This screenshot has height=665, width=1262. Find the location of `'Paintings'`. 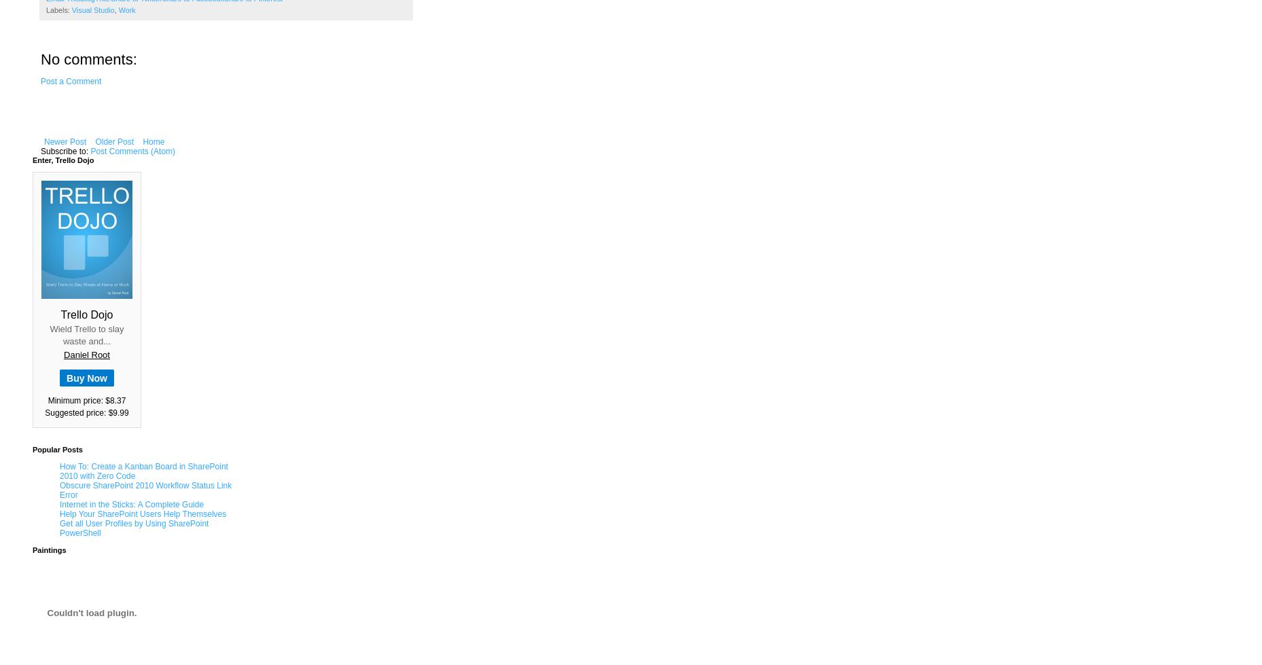

'Paintings' is located at coordinates (48, 550).